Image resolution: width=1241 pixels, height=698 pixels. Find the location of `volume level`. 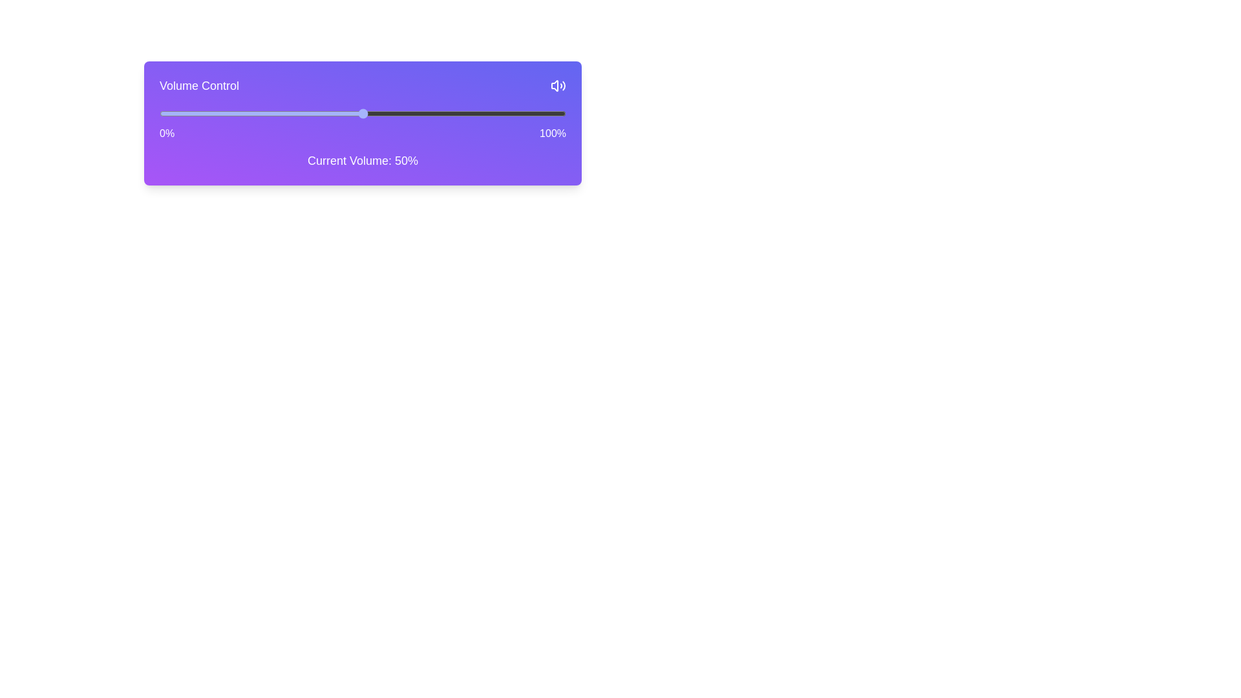

volume level is located at coordinates (158, 113).